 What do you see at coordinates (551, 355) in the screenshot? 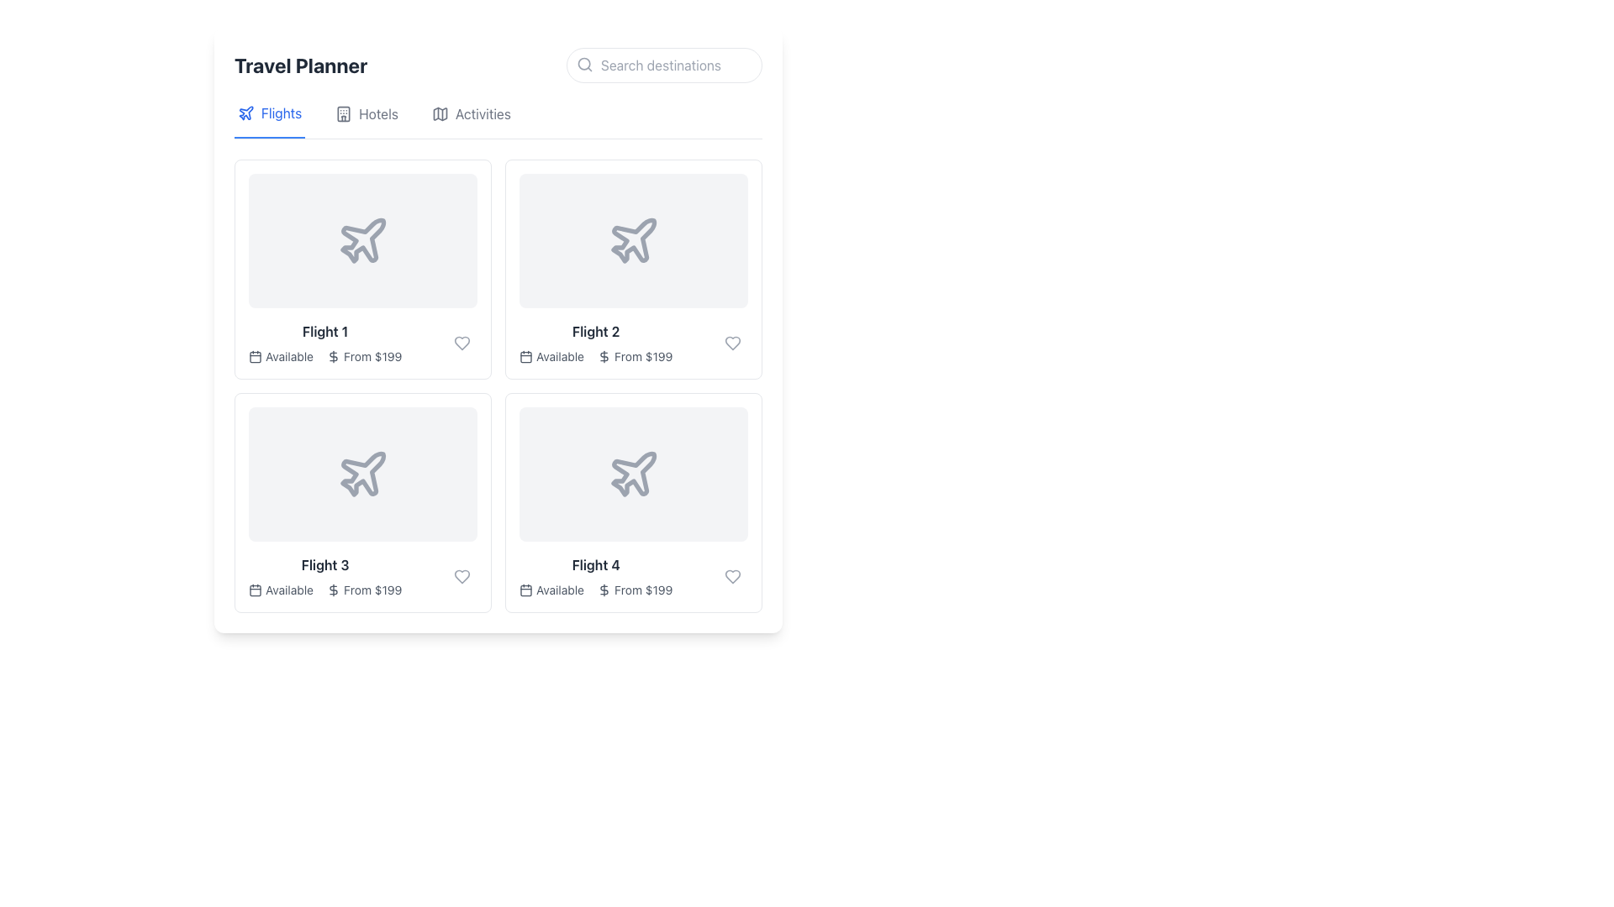
I see `availability status label with decorative icon located in the 'Flight 2' card, which is positioned below the flight preview image and above the pricing information` at bounding box center [551, 355].